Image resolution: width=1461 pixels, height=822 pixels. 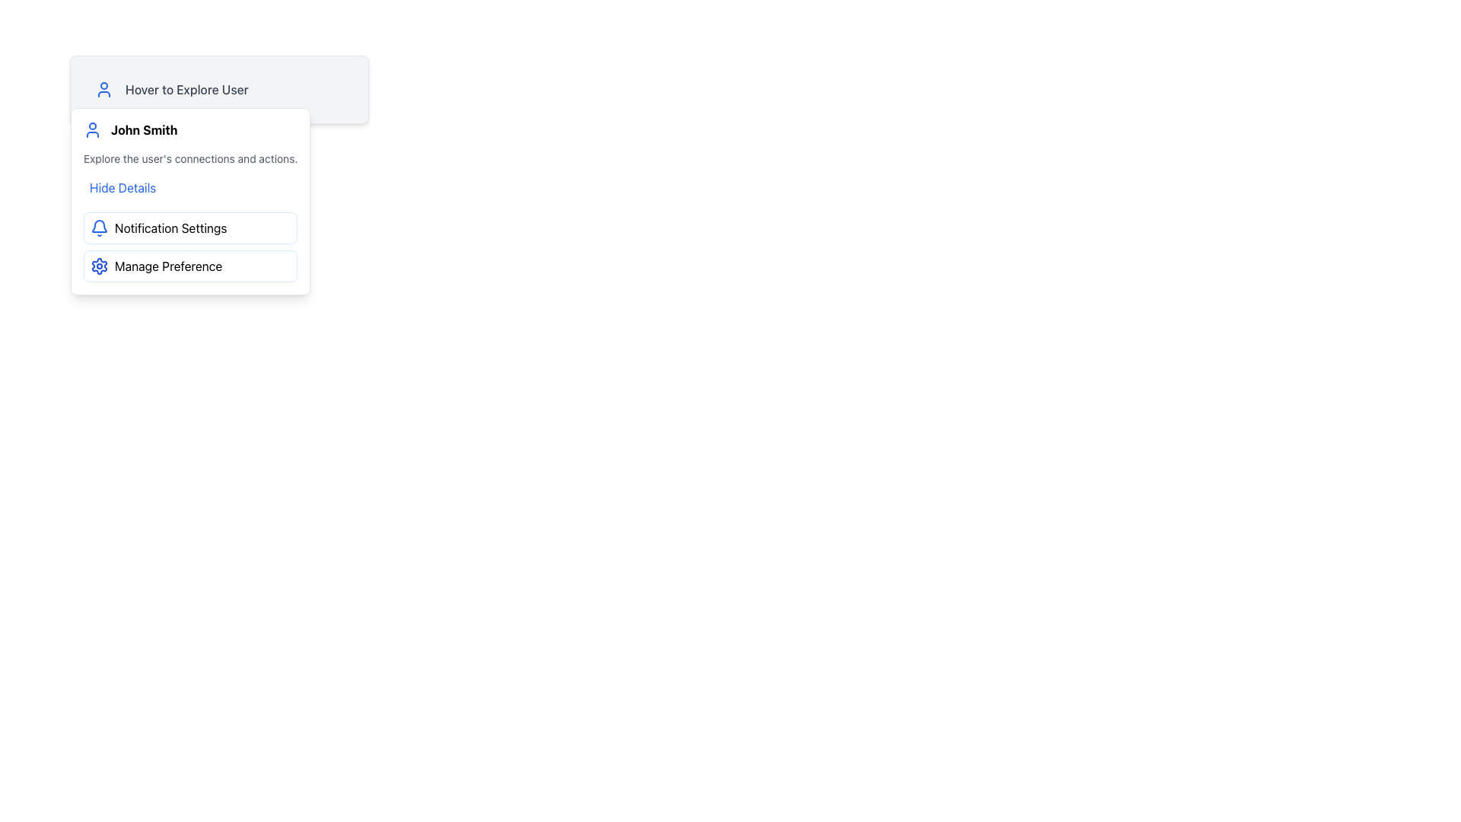 What do you see at coordinates (218, 90) in the screenshot?
I see `the Header Section with Icon and Text located in the top-left area of the menu interface, which serves as an introductory section for user profile interaction` at bounding box center [218, 90].